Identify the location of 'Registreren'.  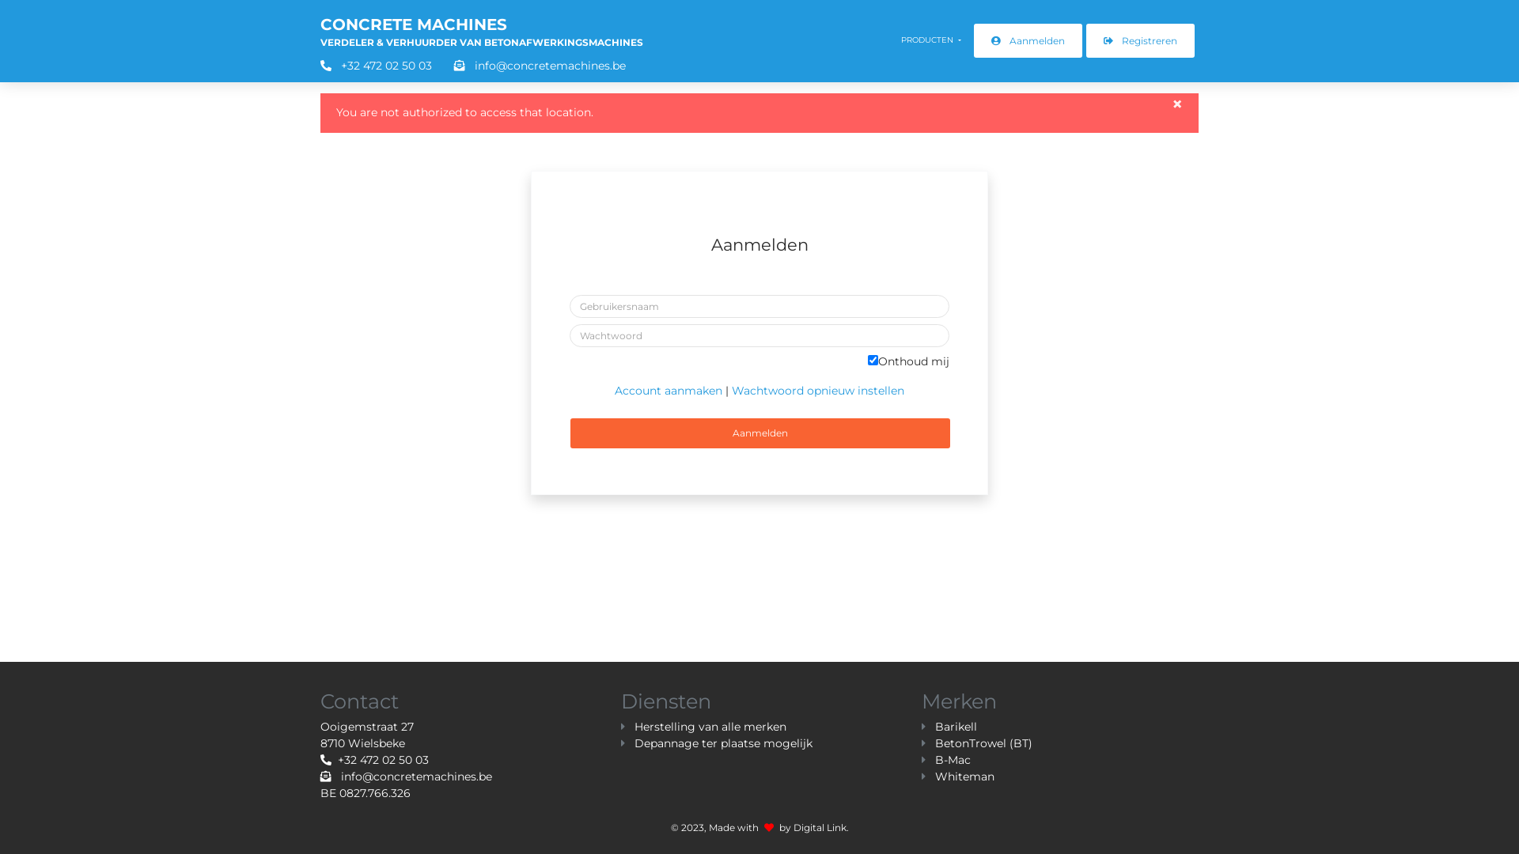
(1140, 40).